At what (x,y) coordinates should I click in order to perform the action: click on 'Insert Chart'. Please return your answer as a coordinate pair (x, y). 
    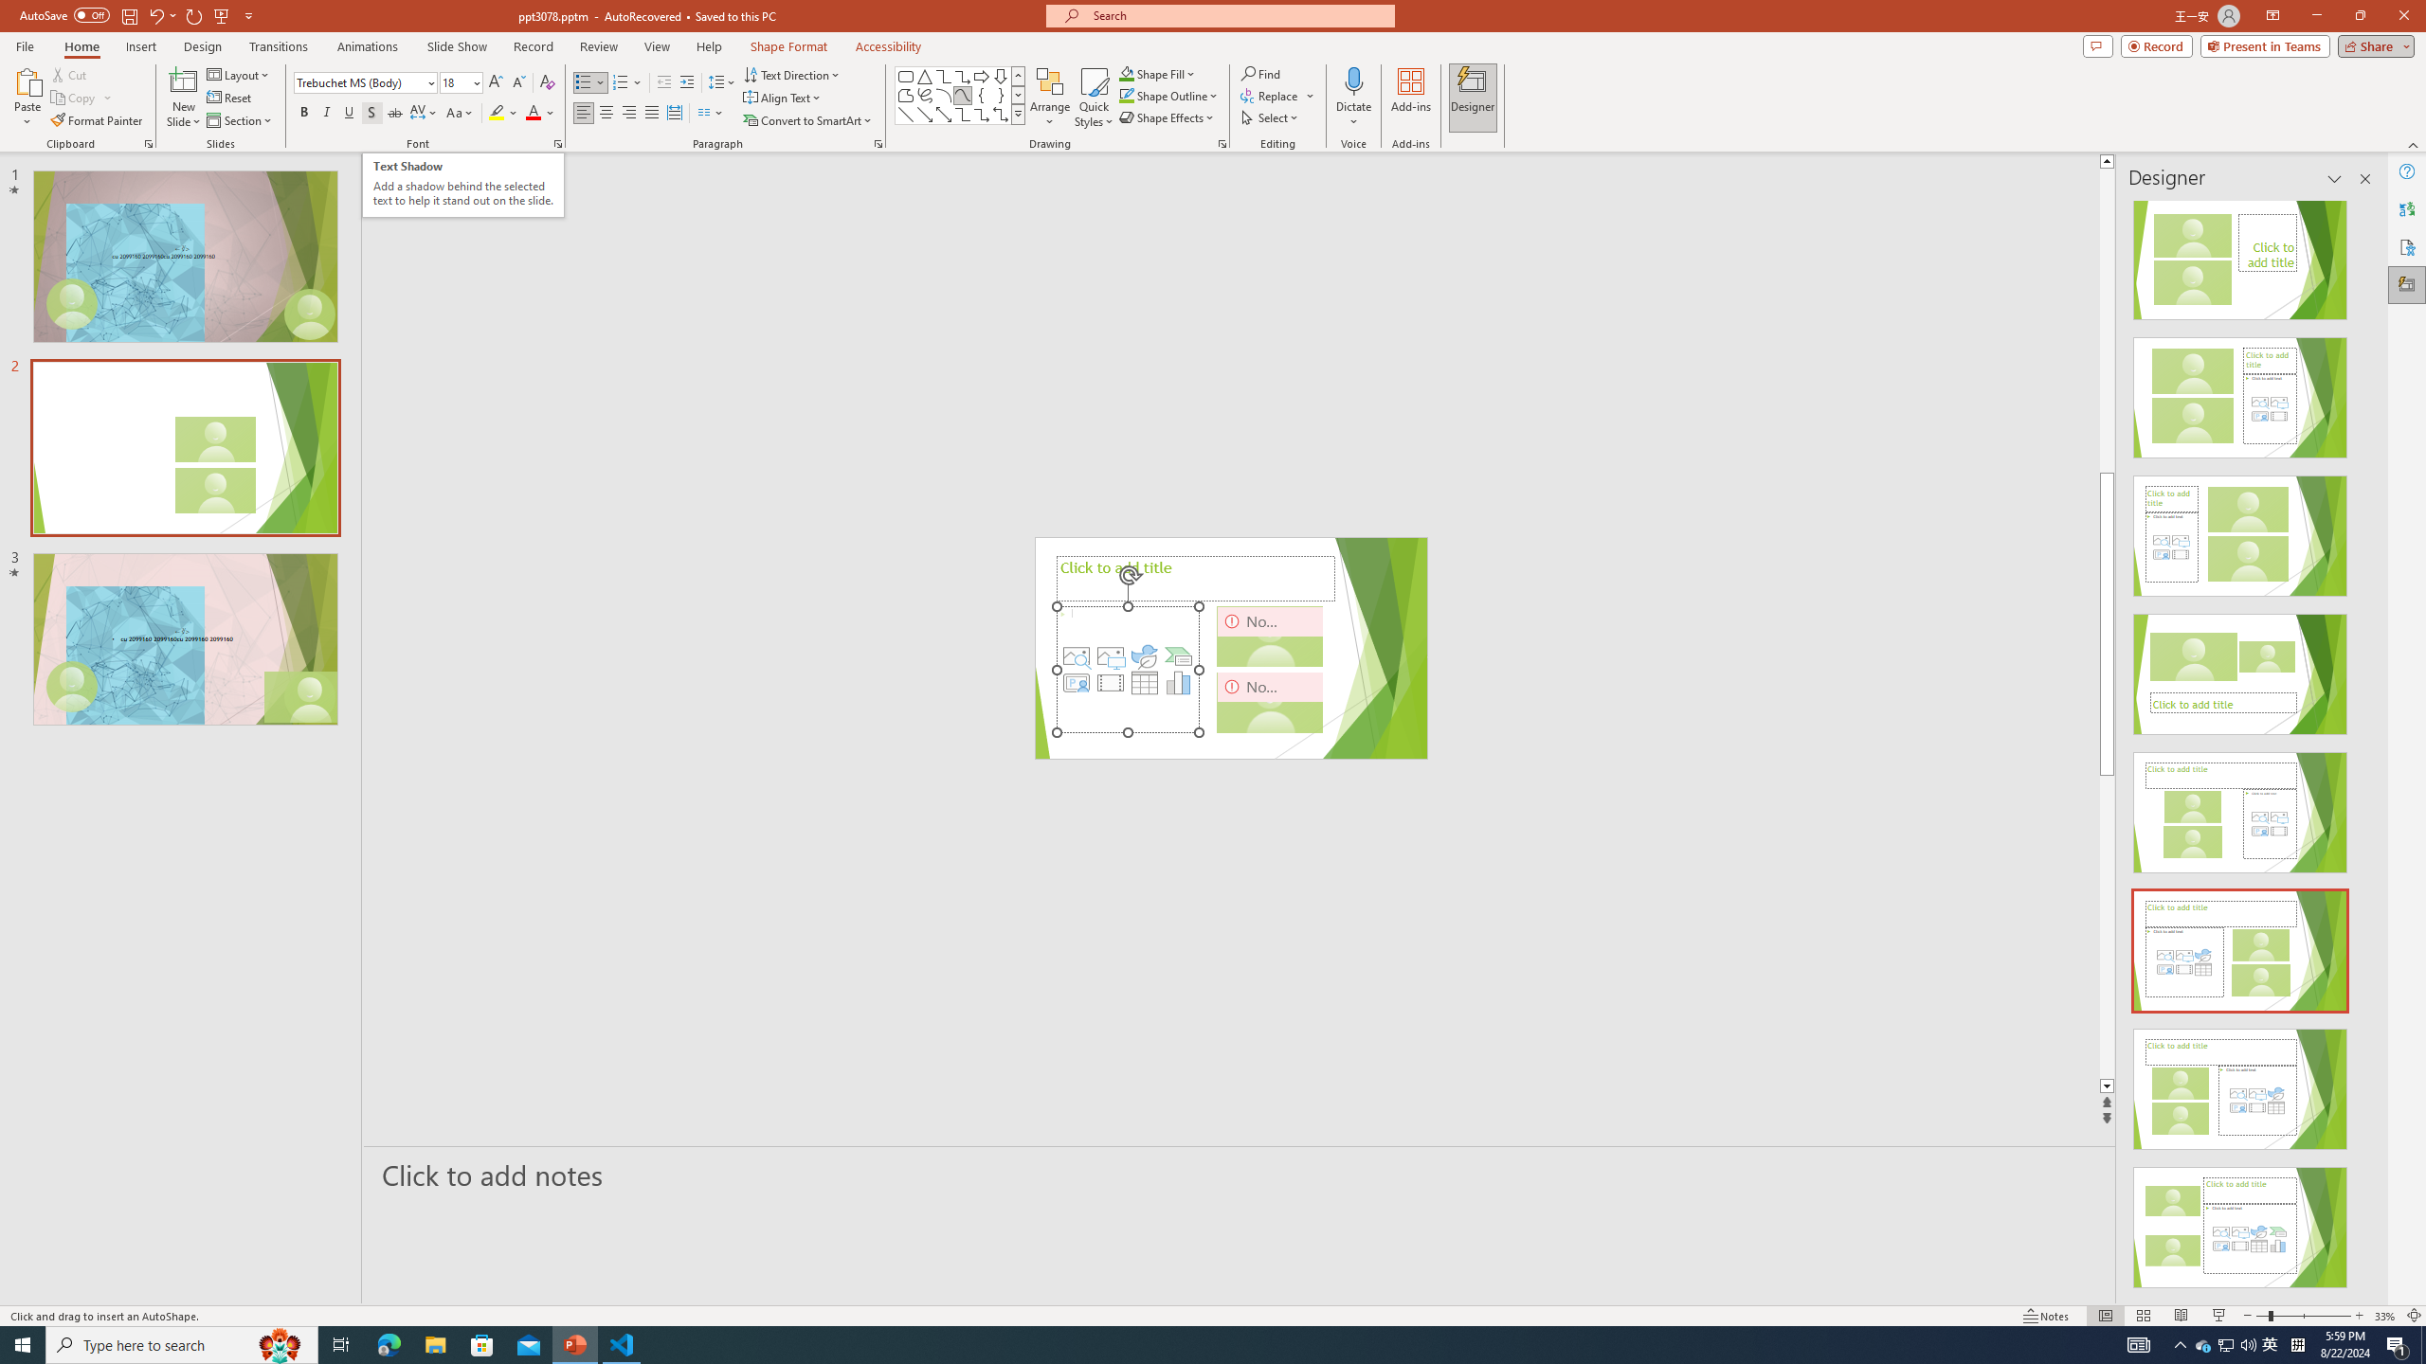
    Looking at the image, I should click on (1178, 682).